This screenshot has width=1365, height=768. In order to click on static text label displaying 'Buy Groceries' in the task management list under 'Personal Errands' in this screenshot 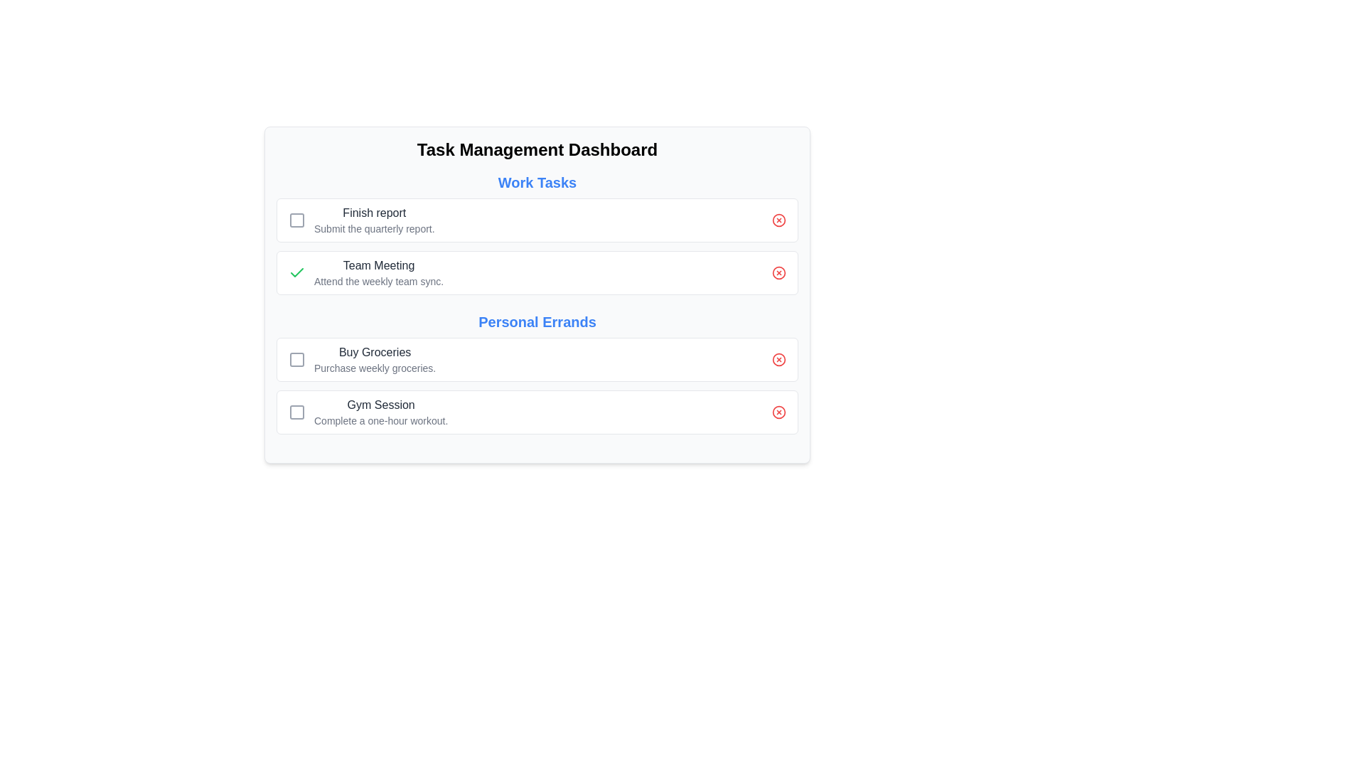, I will do `click(375, 352)`.